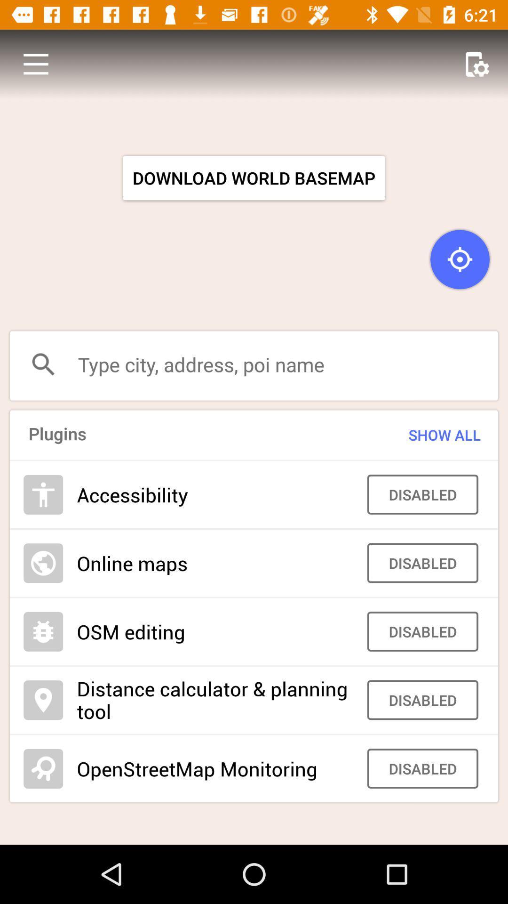  Describe the element at coordinates (43, 631) in the screenshot. I see `the settings icon` at that location.